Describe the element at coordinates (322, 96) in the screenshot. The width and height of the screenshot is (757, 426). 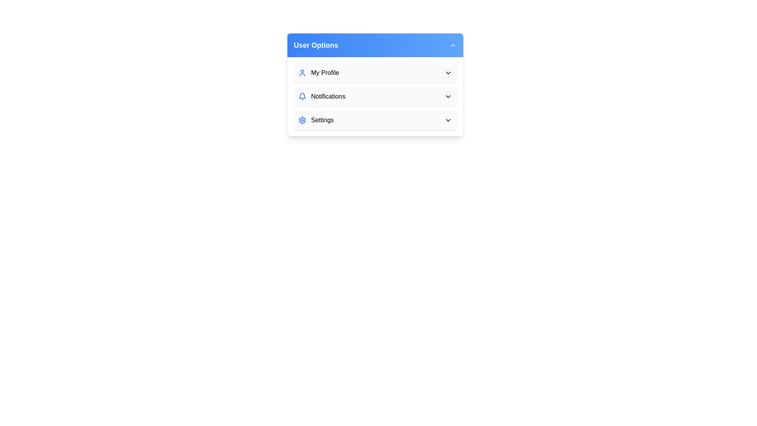
I see `the 'Notifications' menu item, which features a blue bell icon and is the second option in the 'User Options' card, located below 'My Profile' and above 'Settings'` at that location.